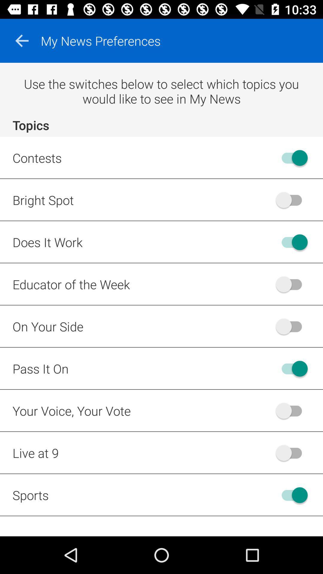 The image size is (323, 574). Describe the element at coordinates (291, 326) in the screenshot. I see `on your side` at that location.